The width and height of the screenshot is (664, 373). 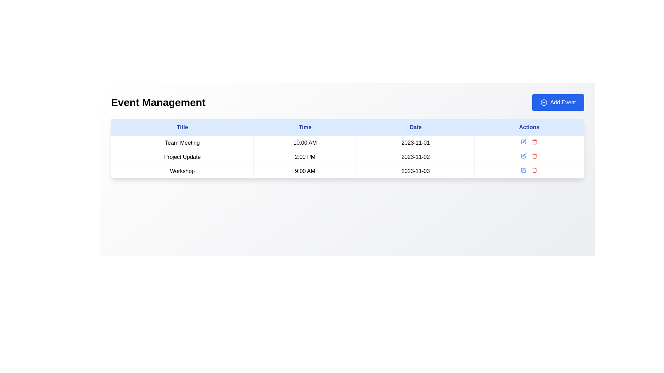 I want to click on the Text Label that identifies the event titled 'Team Meeting 10:00 AM 2023-11-01' in the 'Title' column of the event management table, so click(x=182, y=142).